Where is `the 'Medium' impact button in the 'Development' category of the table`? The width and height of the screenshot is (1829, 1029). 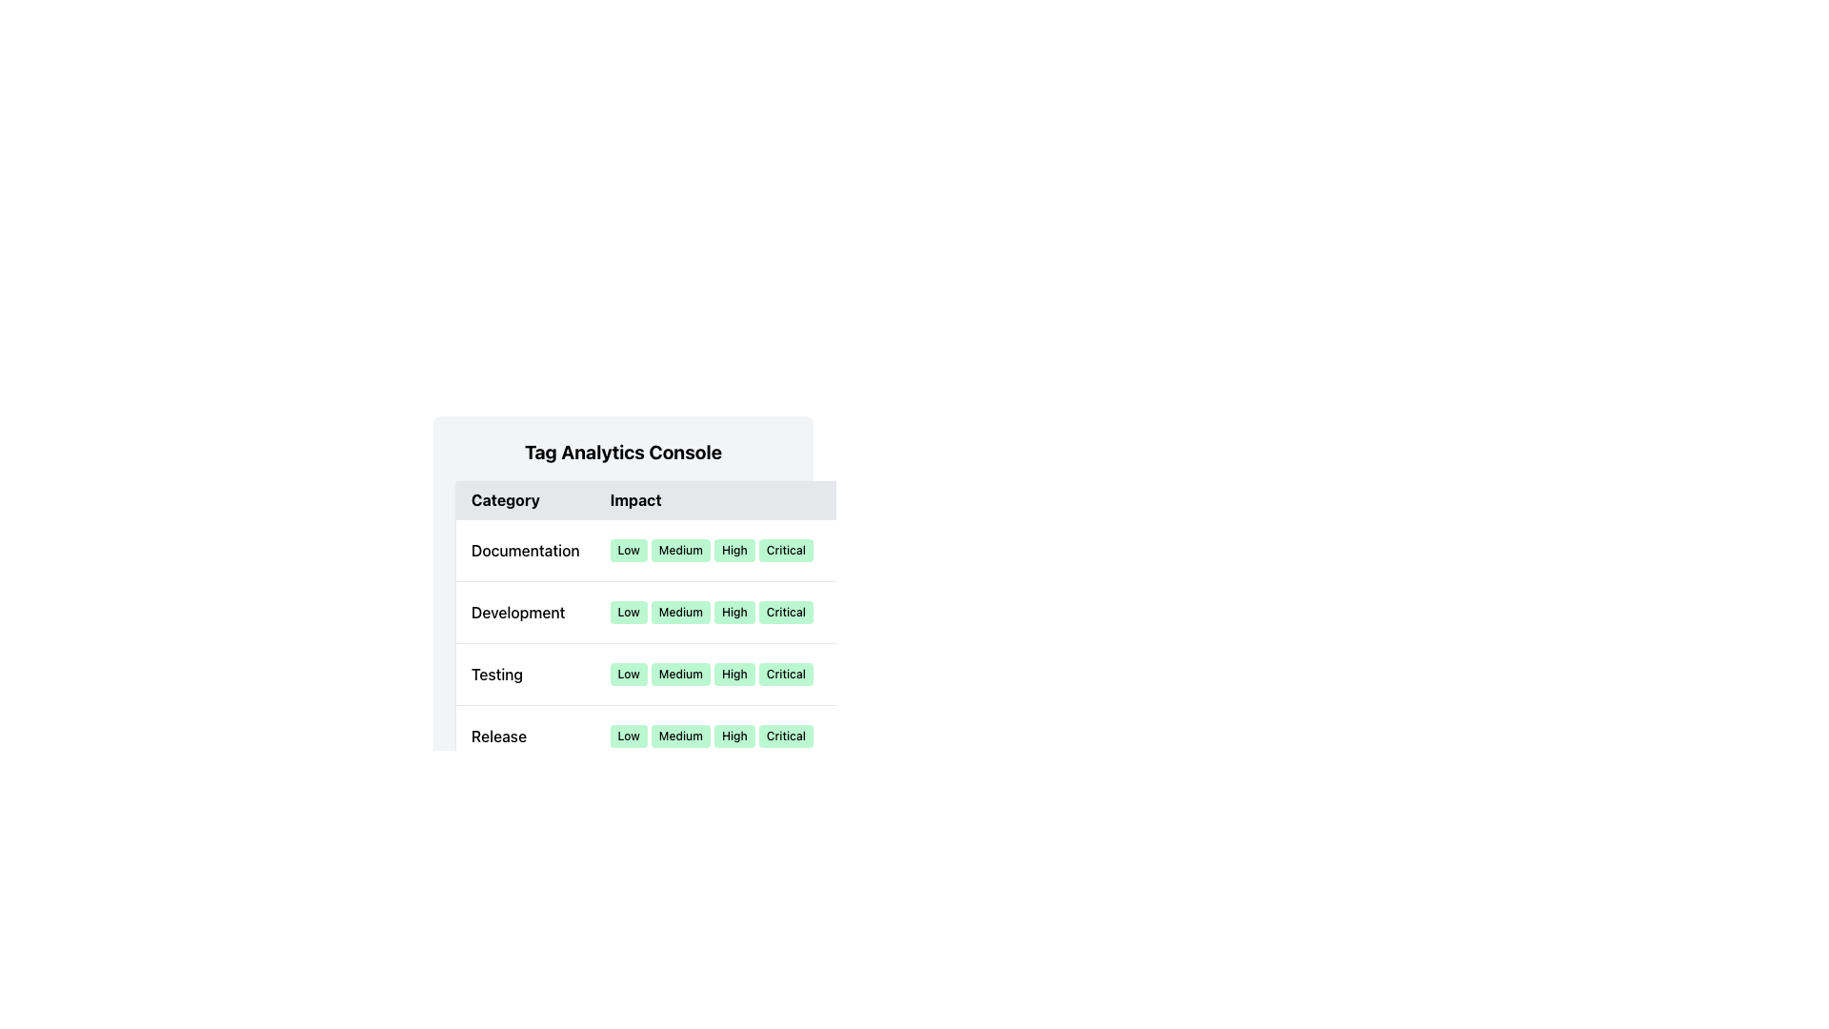
the 'Medium' impact button in the 'Development' category of the table is located at coordinates (685, 624).